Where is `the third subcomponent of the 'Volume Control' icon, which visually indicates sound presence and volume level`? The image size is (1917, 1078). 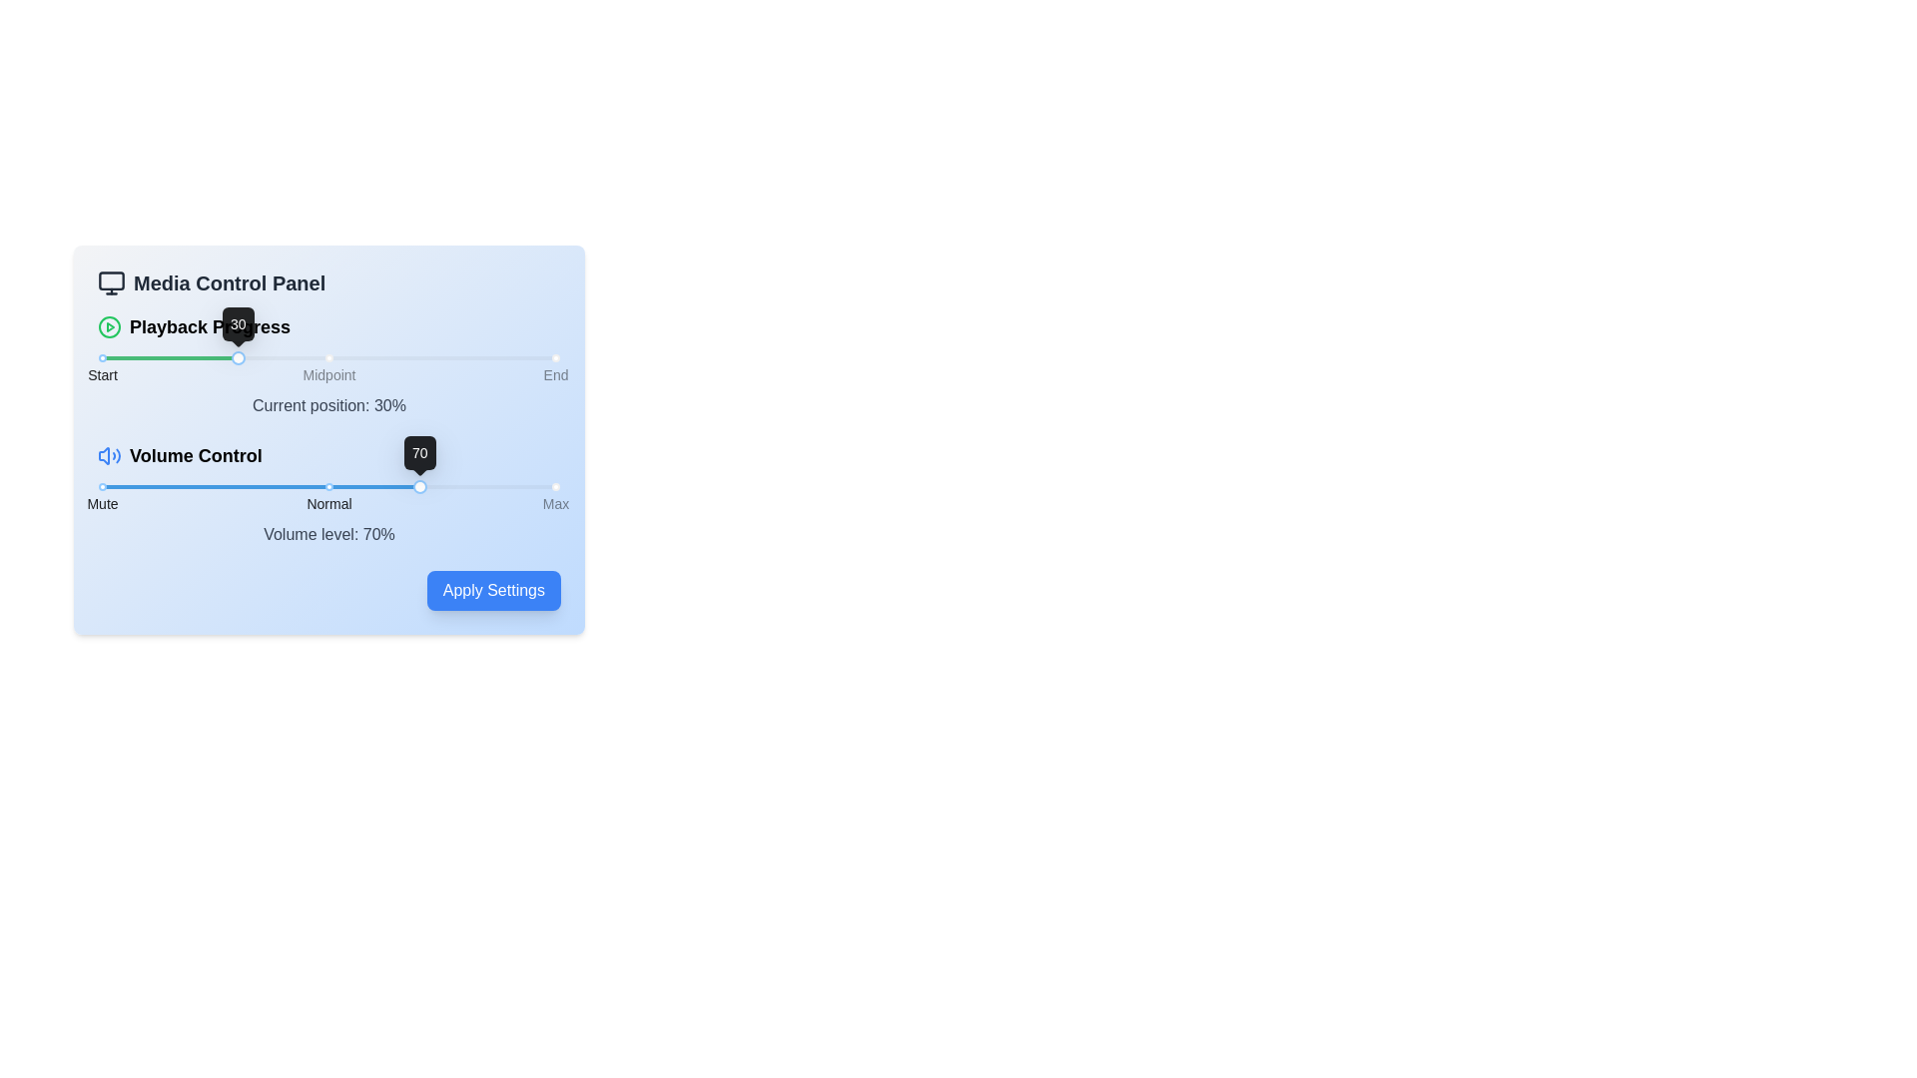 the third subcomponent of the 'Volume Control' icon, which visually indicates sound presence and volume level is located at coordinates (117, 455).